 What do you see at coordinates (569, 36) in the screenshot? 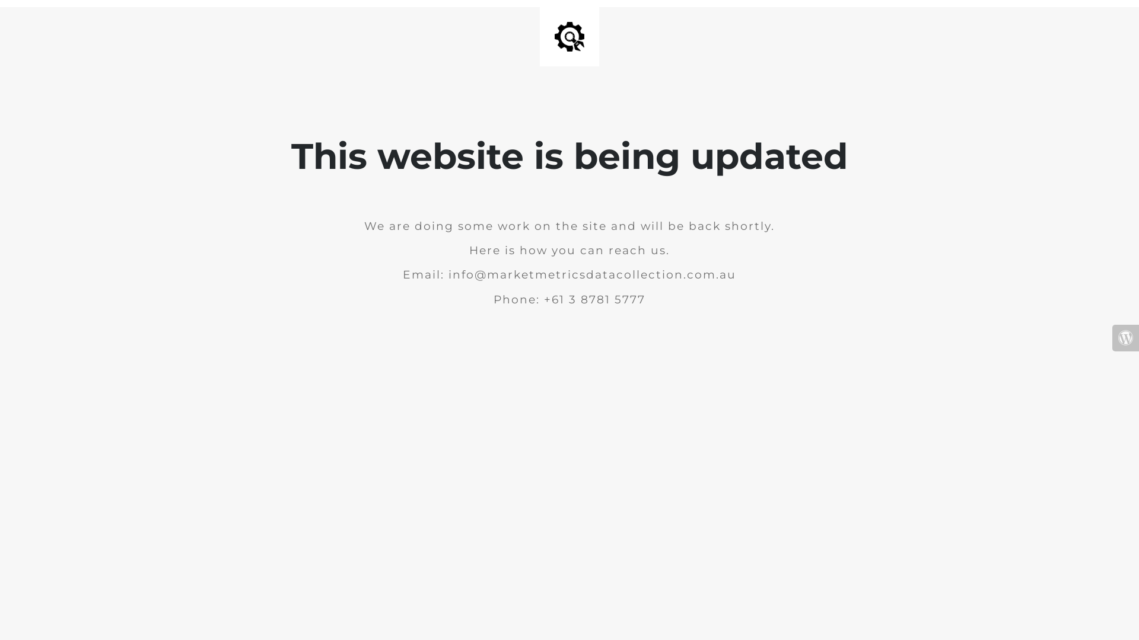
I see `'Site is Under Construction'` at bounding box center [569, 36].